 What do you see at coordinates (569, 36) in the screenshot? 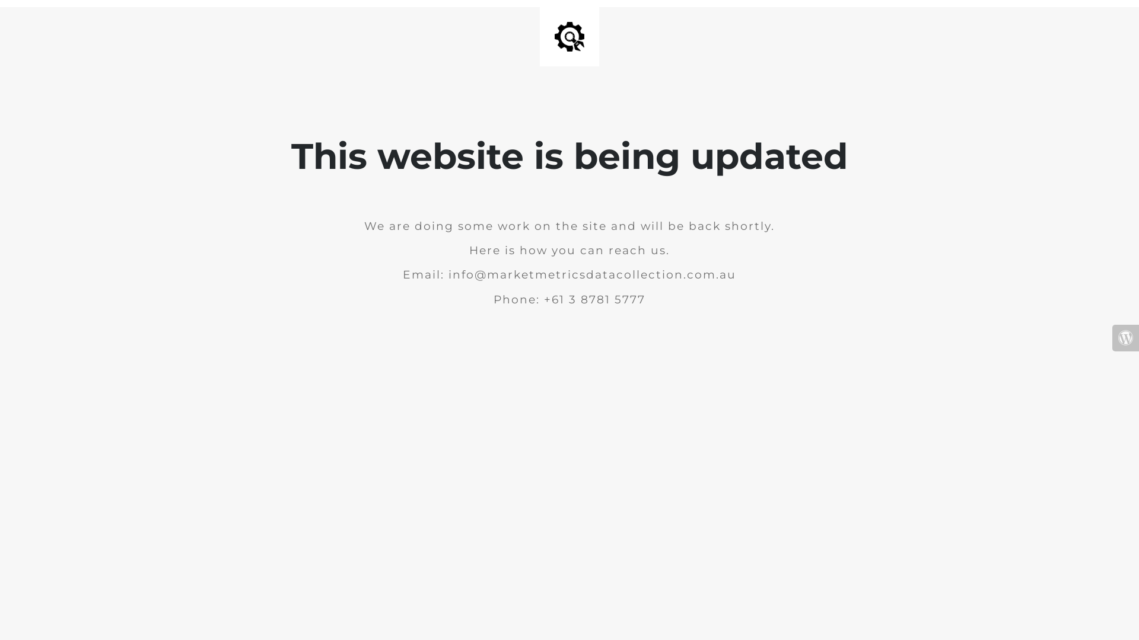
I see `'Site is Under Construction'` at bounding box center [569, 36].